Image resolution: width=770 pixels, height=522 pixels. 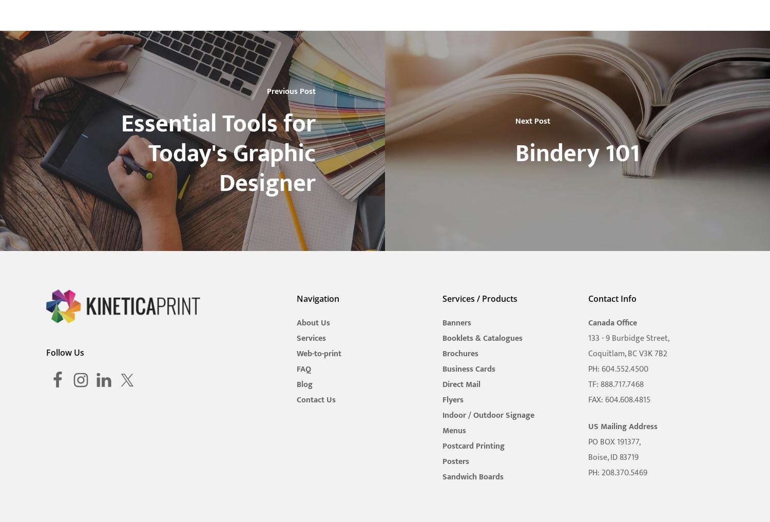 I want to click on 'Next Post', so click(x=515, y=121).